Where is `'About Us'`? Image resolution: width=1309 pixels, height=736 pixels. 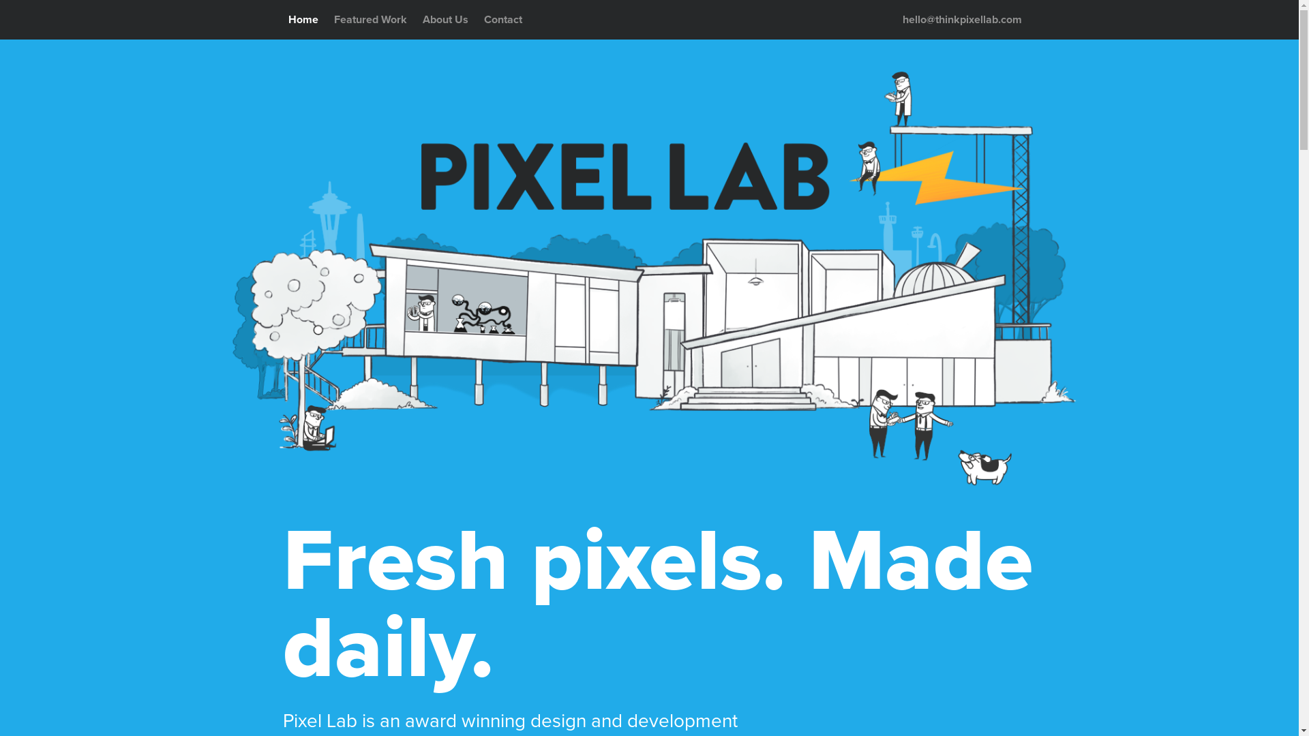 'About Us' is located at coordinates (445, 20).